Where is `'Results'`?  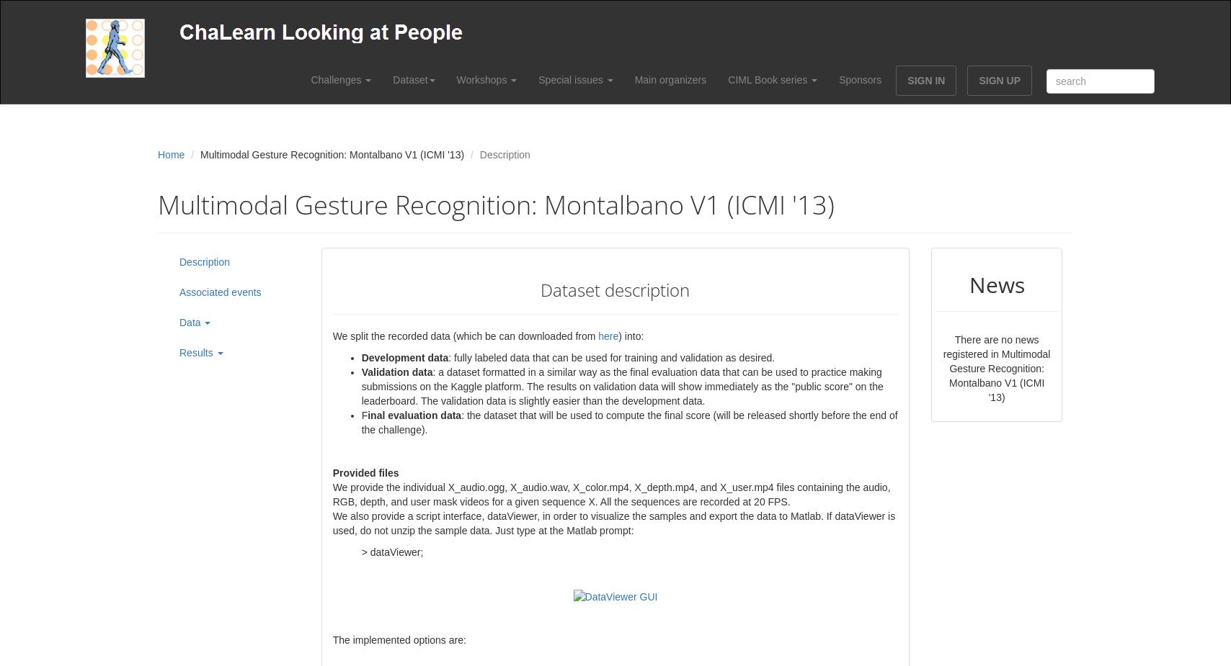 'Results' is located at coordinates (197, 352).